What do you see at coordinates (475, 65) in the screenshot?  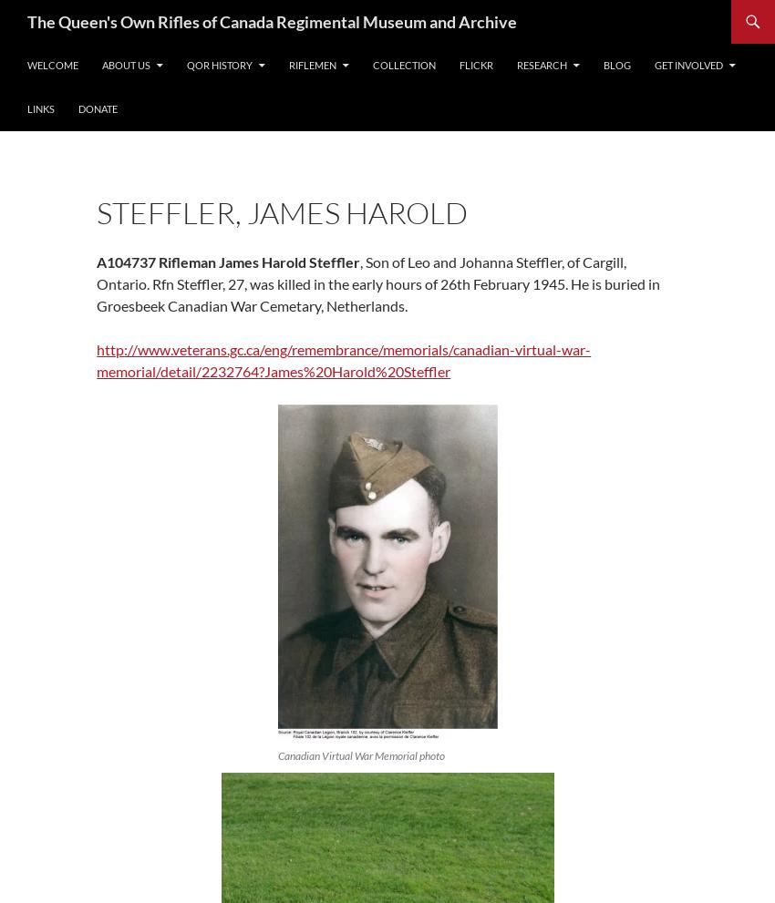 I see `'Flickr'` at bounding box center [475, 65].